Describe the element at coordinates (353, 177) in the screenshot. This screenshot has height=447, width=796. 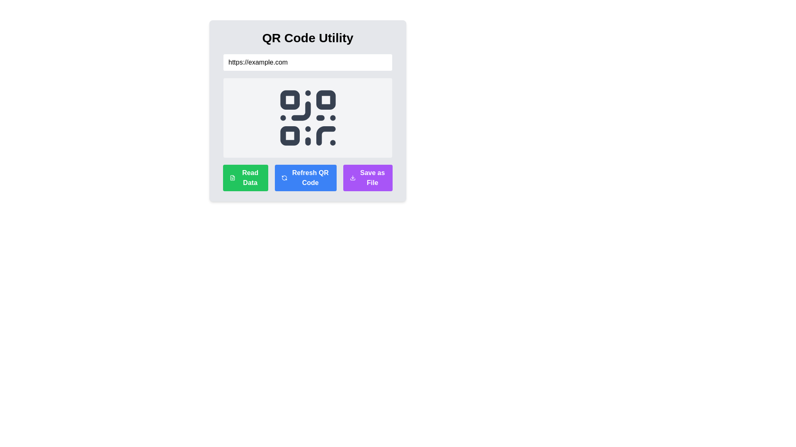
I see `the appearance of the download icon located to the left of the text in the 'Save as File' button, which is the rightmost button in a row of three buttons at the bottom of the interface` at that location.